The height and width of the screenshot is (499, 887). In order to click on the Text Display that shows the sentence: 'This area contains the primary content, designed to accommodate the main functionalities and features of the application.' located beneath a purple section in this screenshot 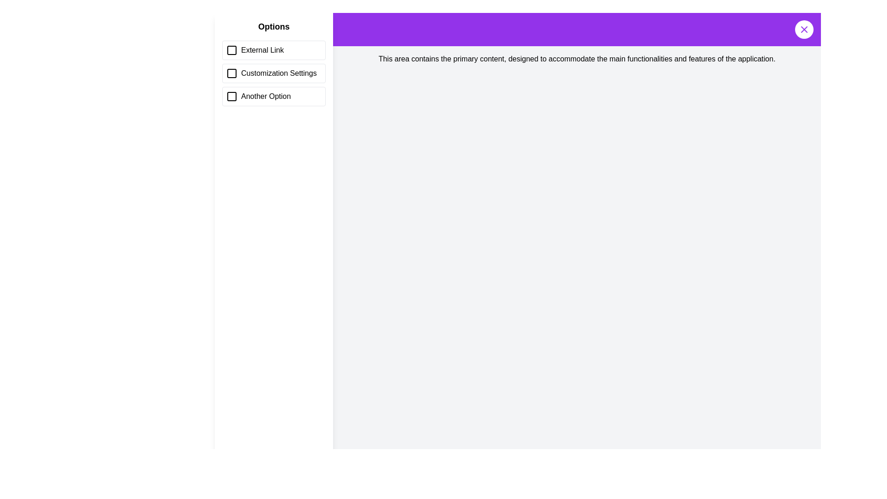, I will do `click(576, 59)`.